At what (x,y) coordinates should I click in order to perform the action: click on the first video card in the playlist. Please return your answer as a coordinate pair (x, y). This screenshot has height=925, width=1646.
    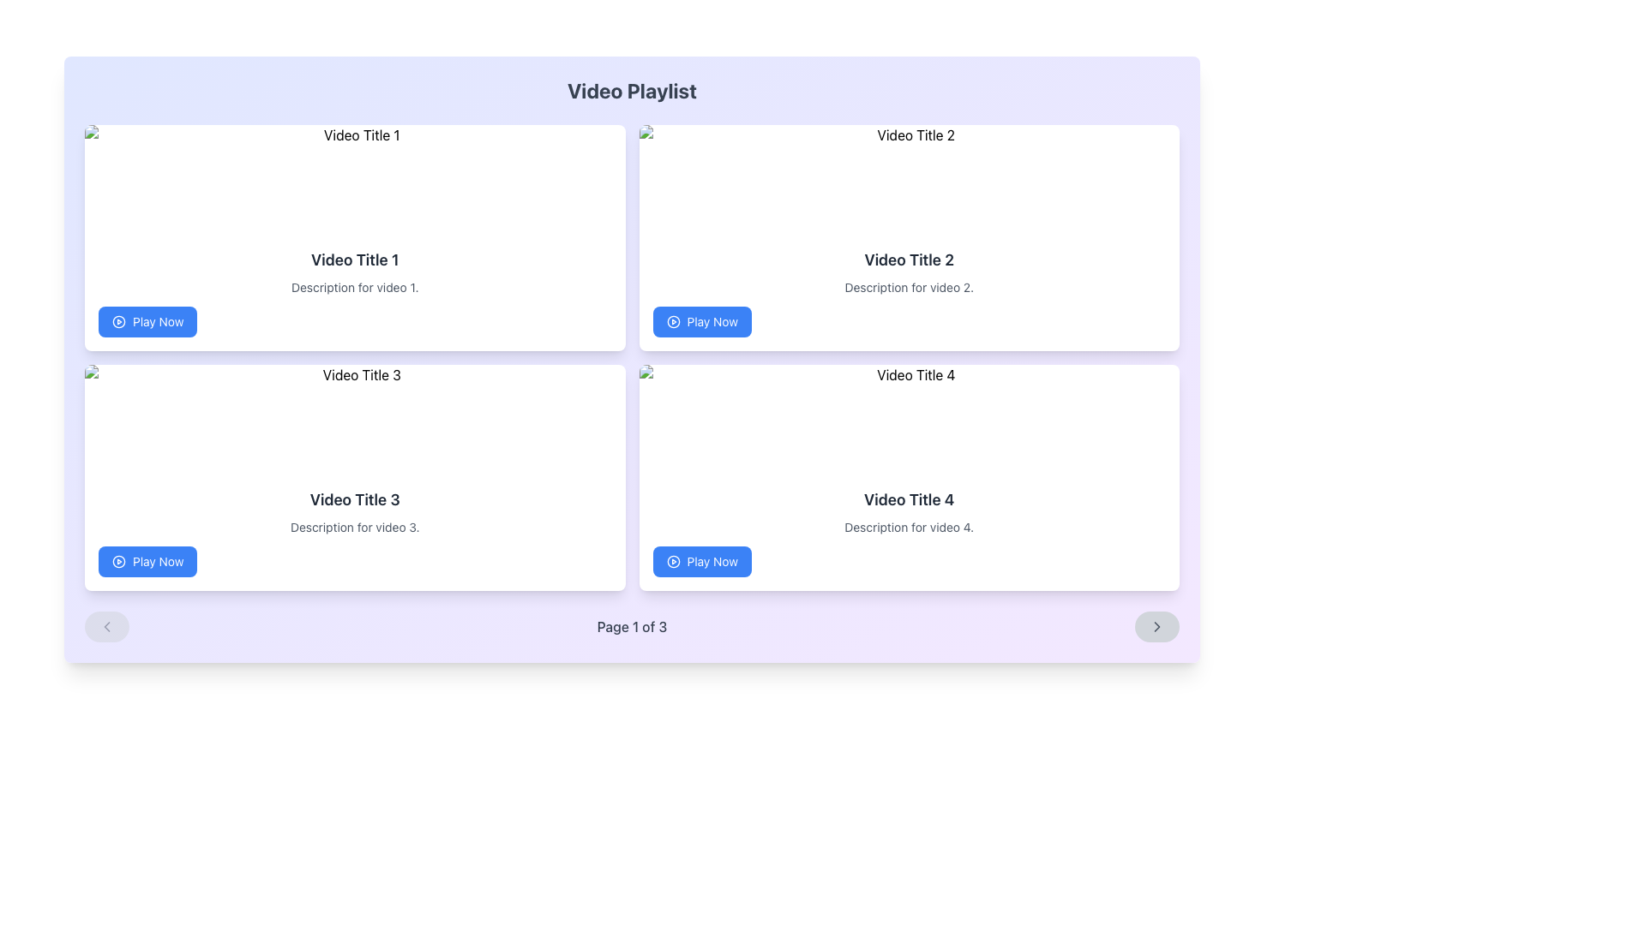
    Looking at the image, I should click on (354, 237).